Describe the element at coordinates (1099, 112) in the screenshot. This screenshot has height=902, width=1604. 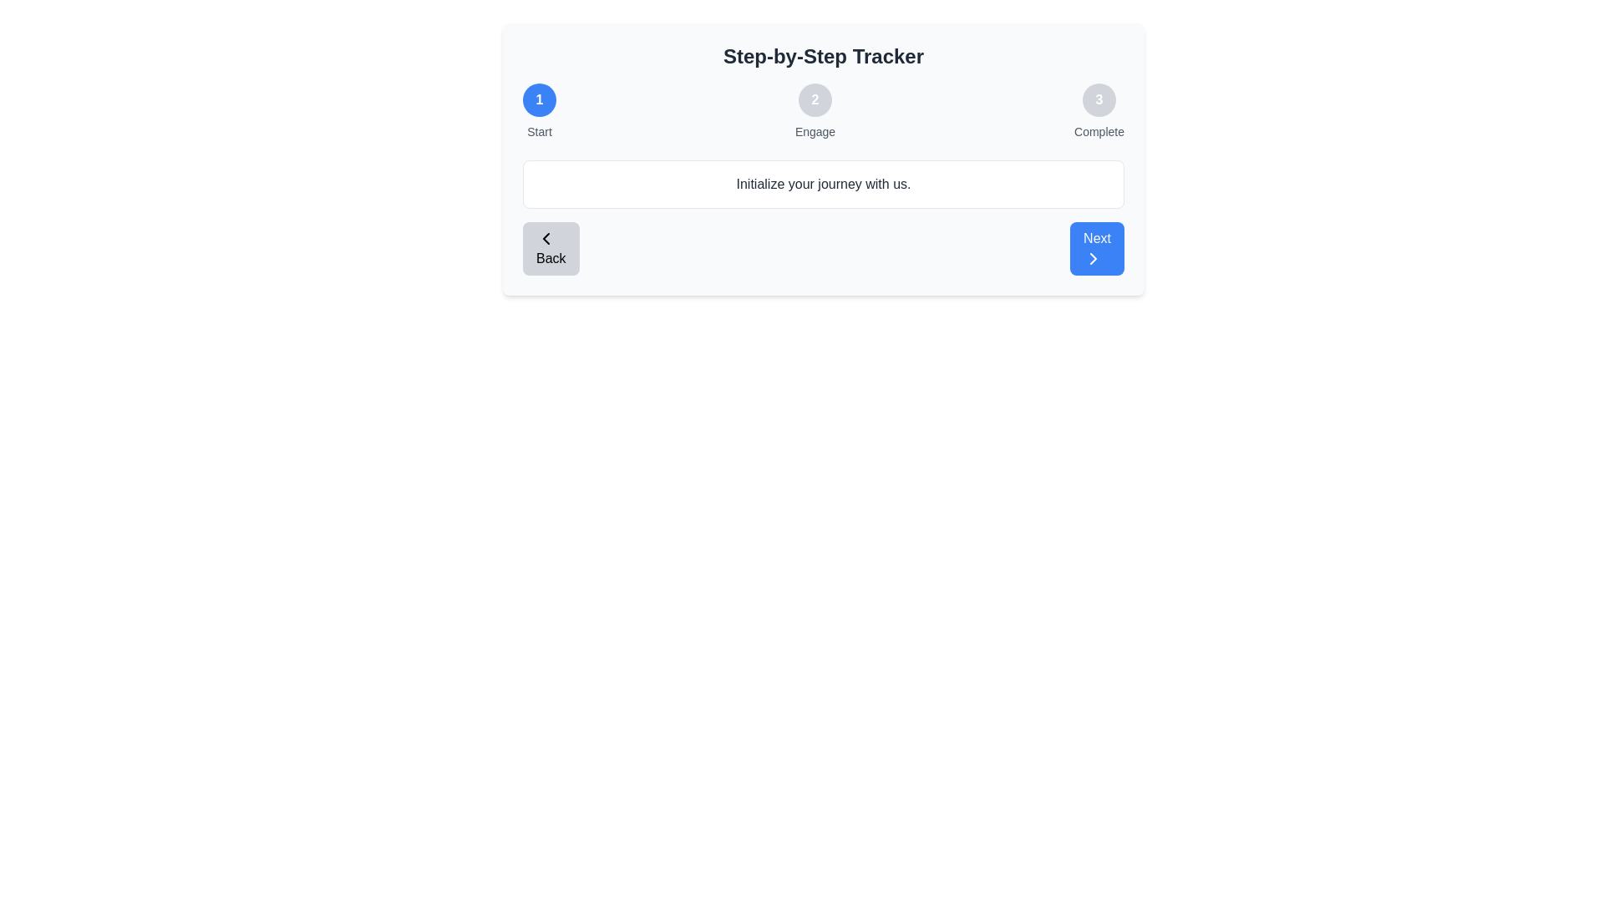
I see `the third step in the step-by-step process tracker, which is located to the right of the 'Engage' step` at that location.